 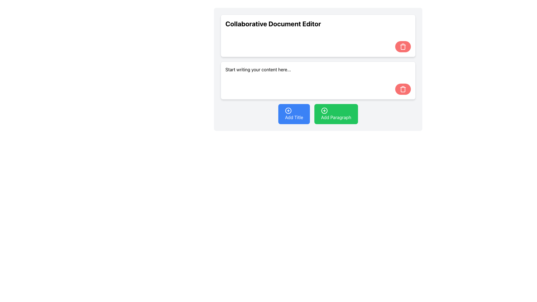 What do you see at coordinates (403, 89) in the screenshot?
I see `the circular red delete button with a trash can icon located in the bottom-right corner of the second editable content area` at bounding box center [403, 89].